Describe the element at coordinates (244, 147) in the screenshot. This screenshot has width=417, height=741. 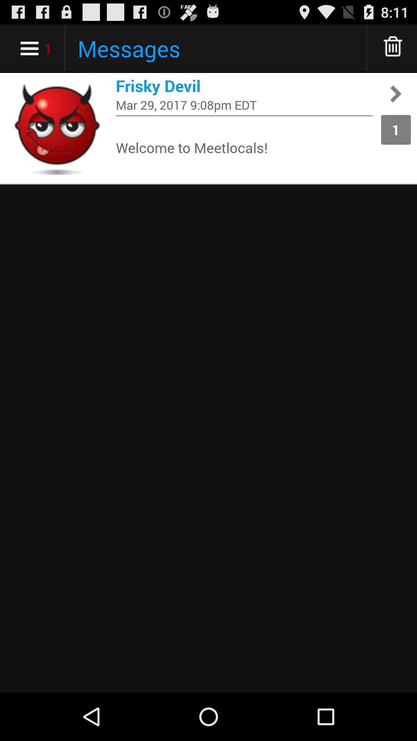
I see `the welcome to meetlocals icon` at that location.